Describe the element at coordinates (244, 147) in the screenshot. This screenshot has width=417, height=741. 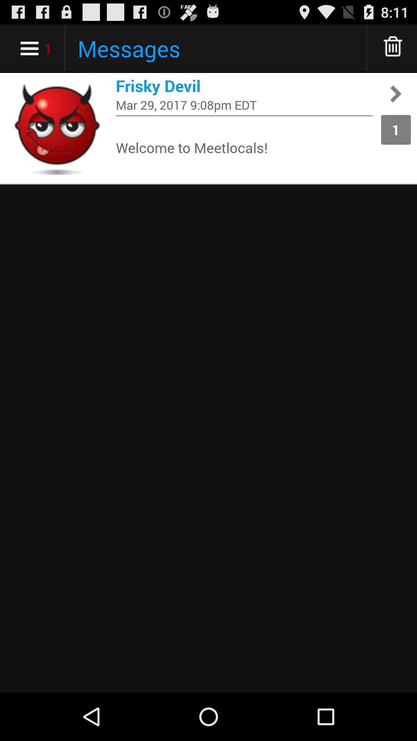
I see `the welcome to meetlocals icon` at that location.